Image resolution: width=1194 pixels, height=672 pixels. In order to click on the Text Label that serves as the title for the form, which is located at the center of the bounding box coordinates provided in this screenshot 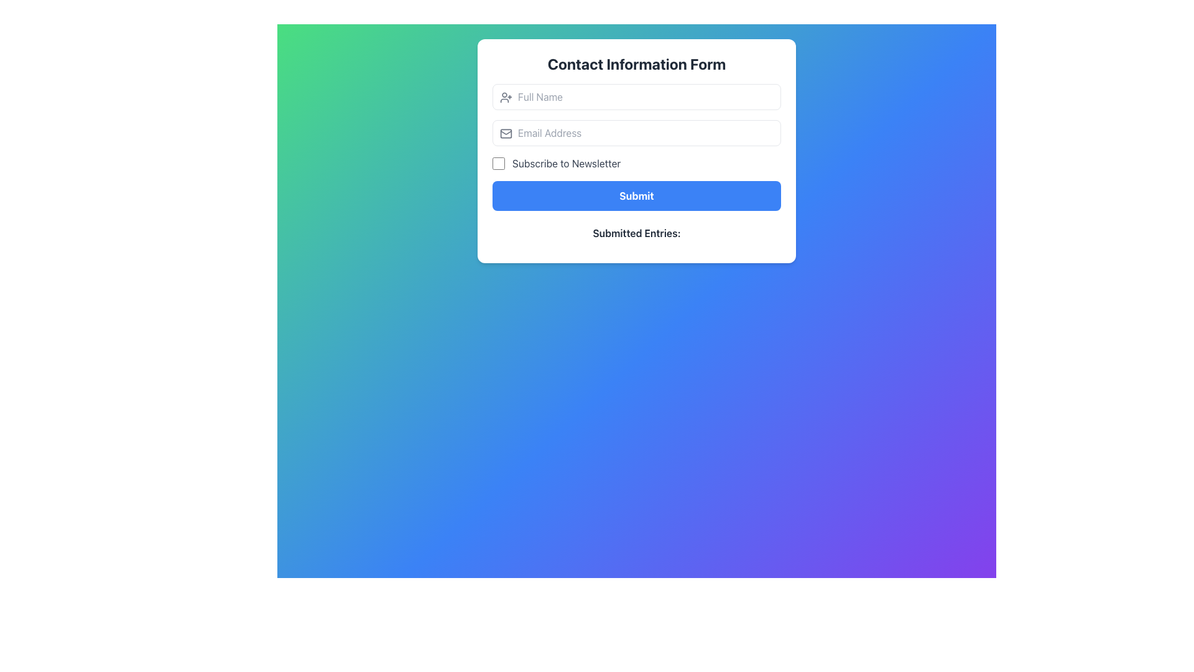, I will do `click(636, 64)`.